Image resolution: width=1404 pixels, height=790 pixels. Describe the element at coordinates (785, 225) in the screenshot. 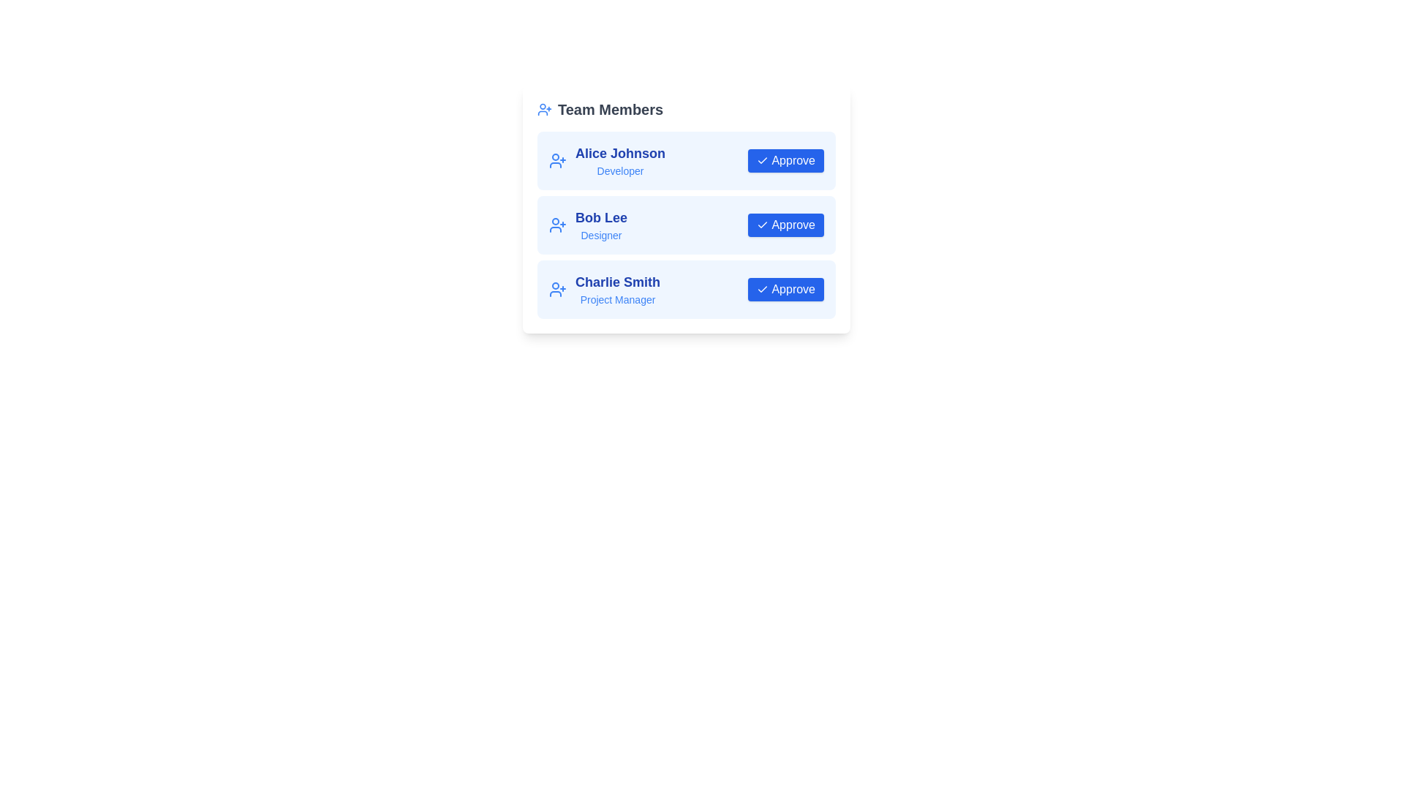

I see `the blue 'Approve' button with white text and a checkmark icon in the 'Bob Lee' segment to approve` at that location.